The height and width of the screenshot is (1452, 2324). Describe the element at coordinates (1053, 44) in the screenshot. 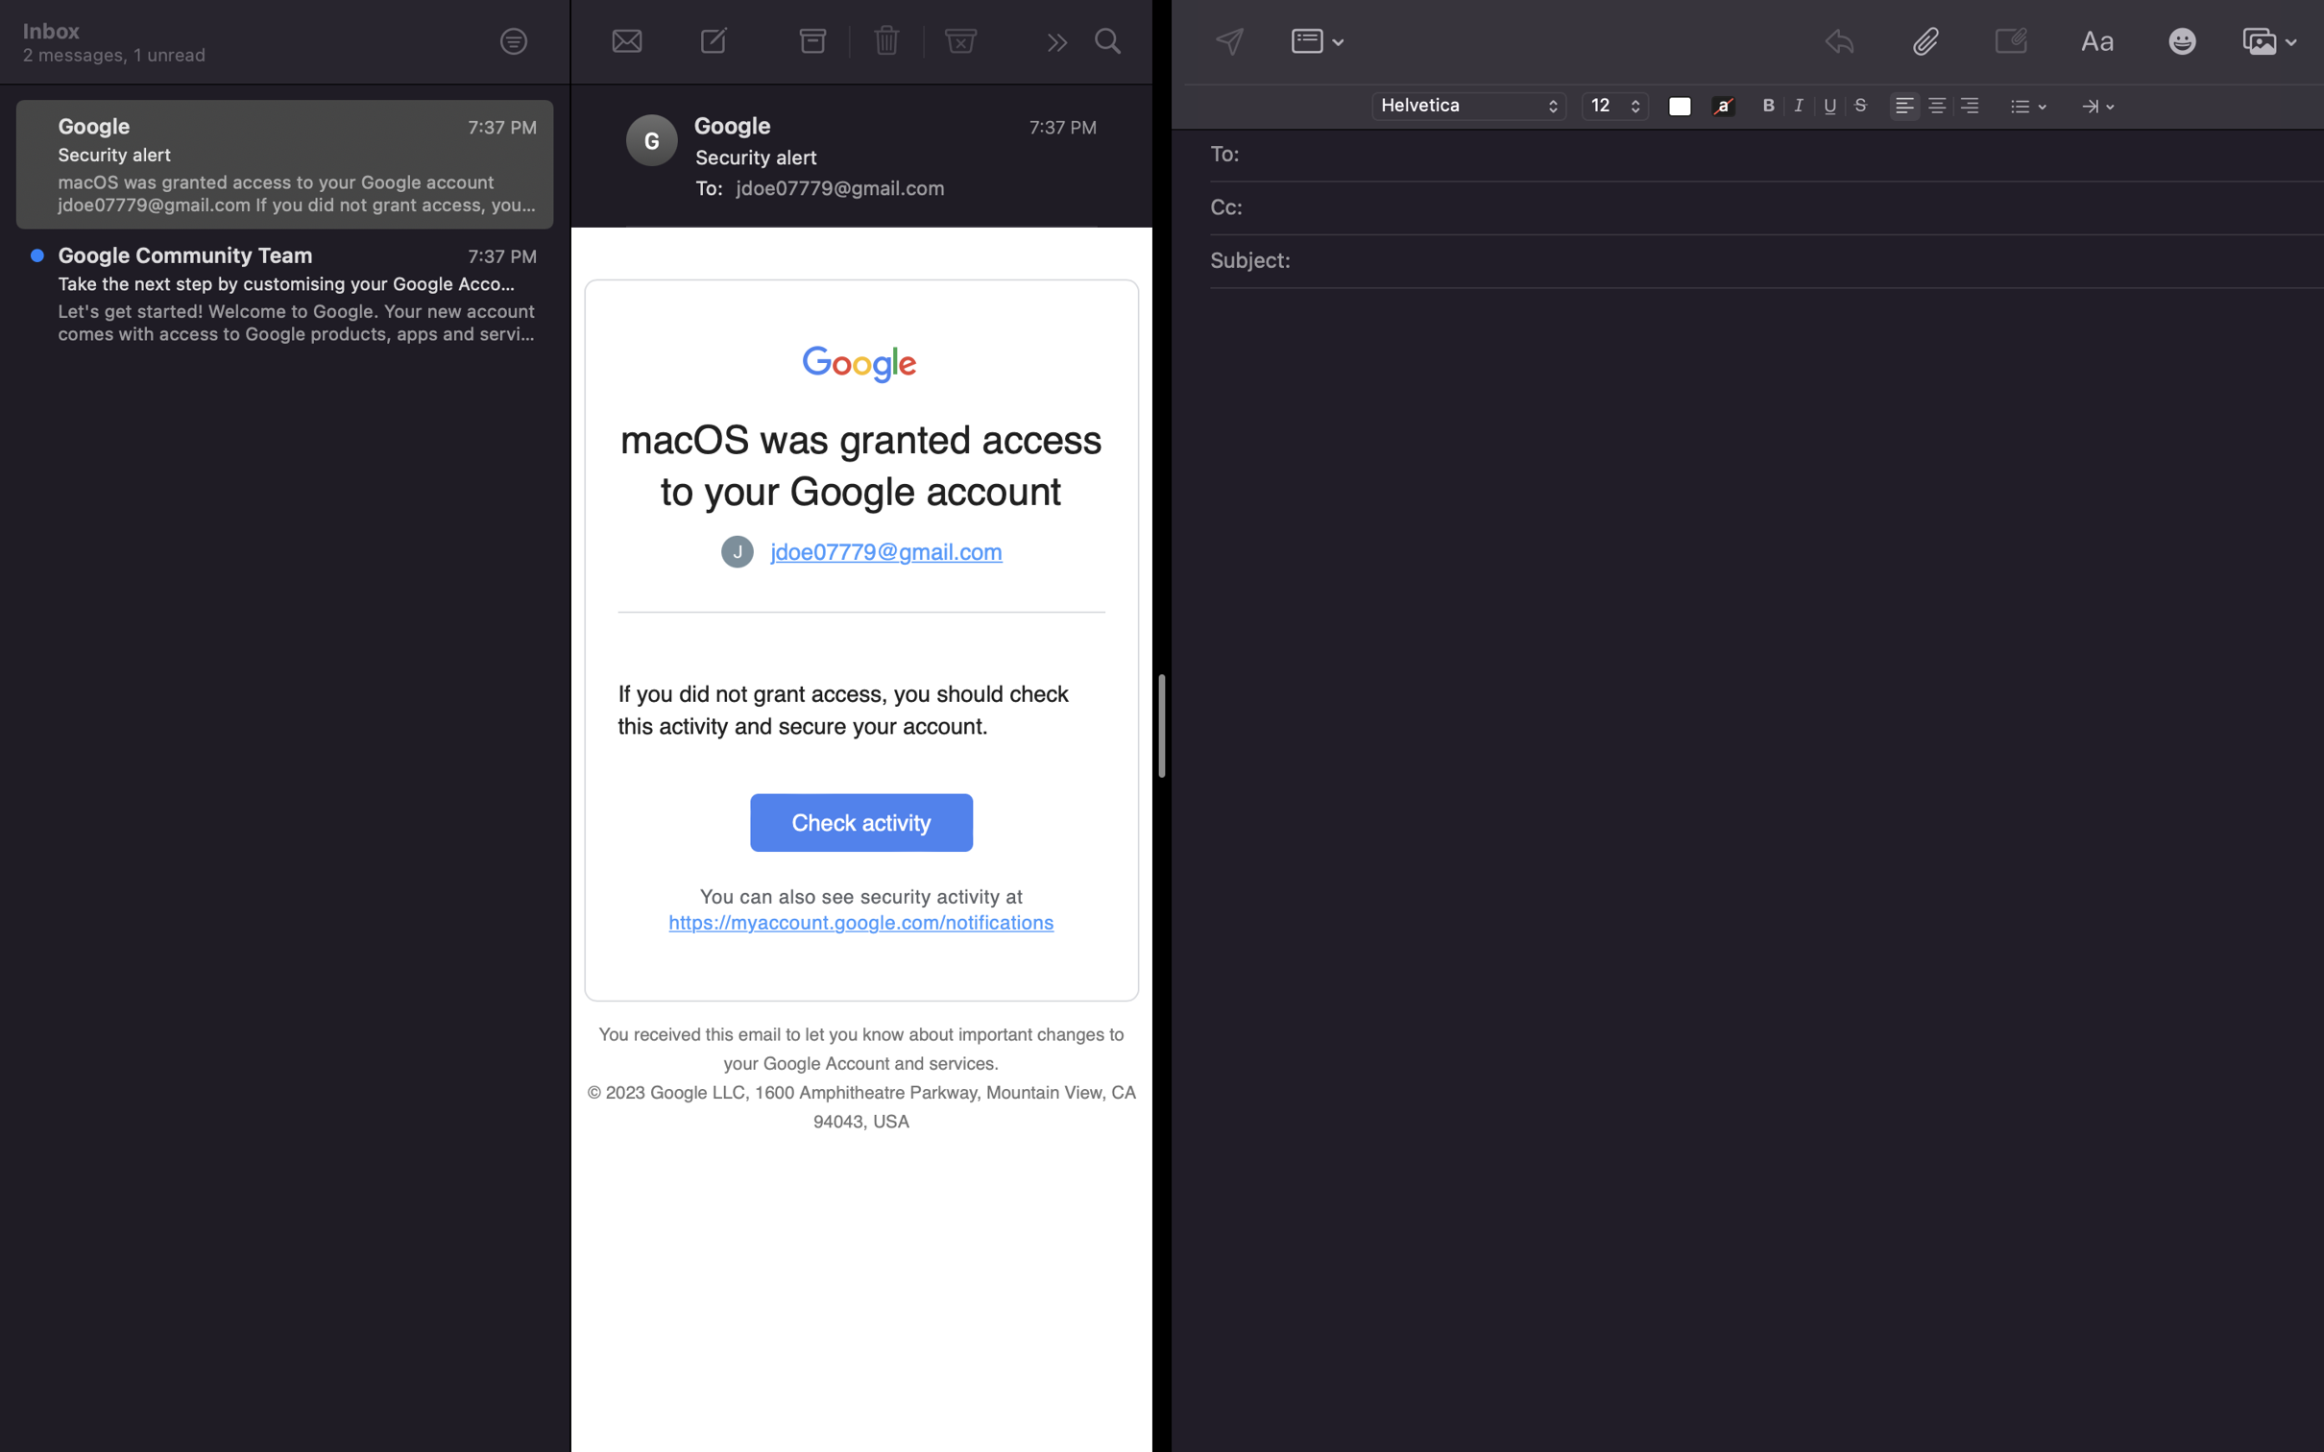

I see `Commence response to the current highlighted email` at that location.